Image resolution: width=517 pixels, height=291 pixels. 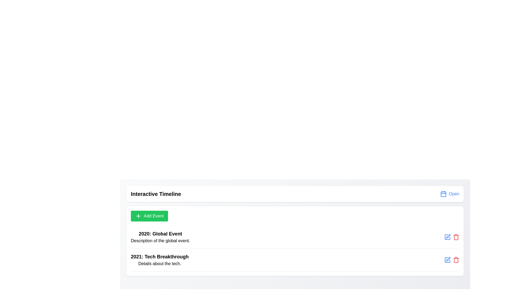 What do you see at coordinates (149, 216) in the screenshot?
I see `the 'Add Event' button to add a new event to the timeline` at bounding box center [149, 216].